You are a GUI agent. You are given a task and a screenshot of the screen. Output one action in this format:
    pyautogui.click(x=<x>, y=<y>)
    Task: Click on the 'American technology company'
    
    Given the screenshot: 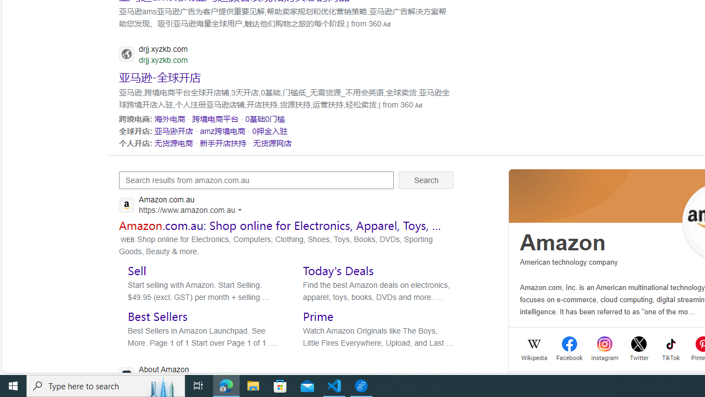 What is the action you would take?
    pyautogui.click(x=569, y=262)
    